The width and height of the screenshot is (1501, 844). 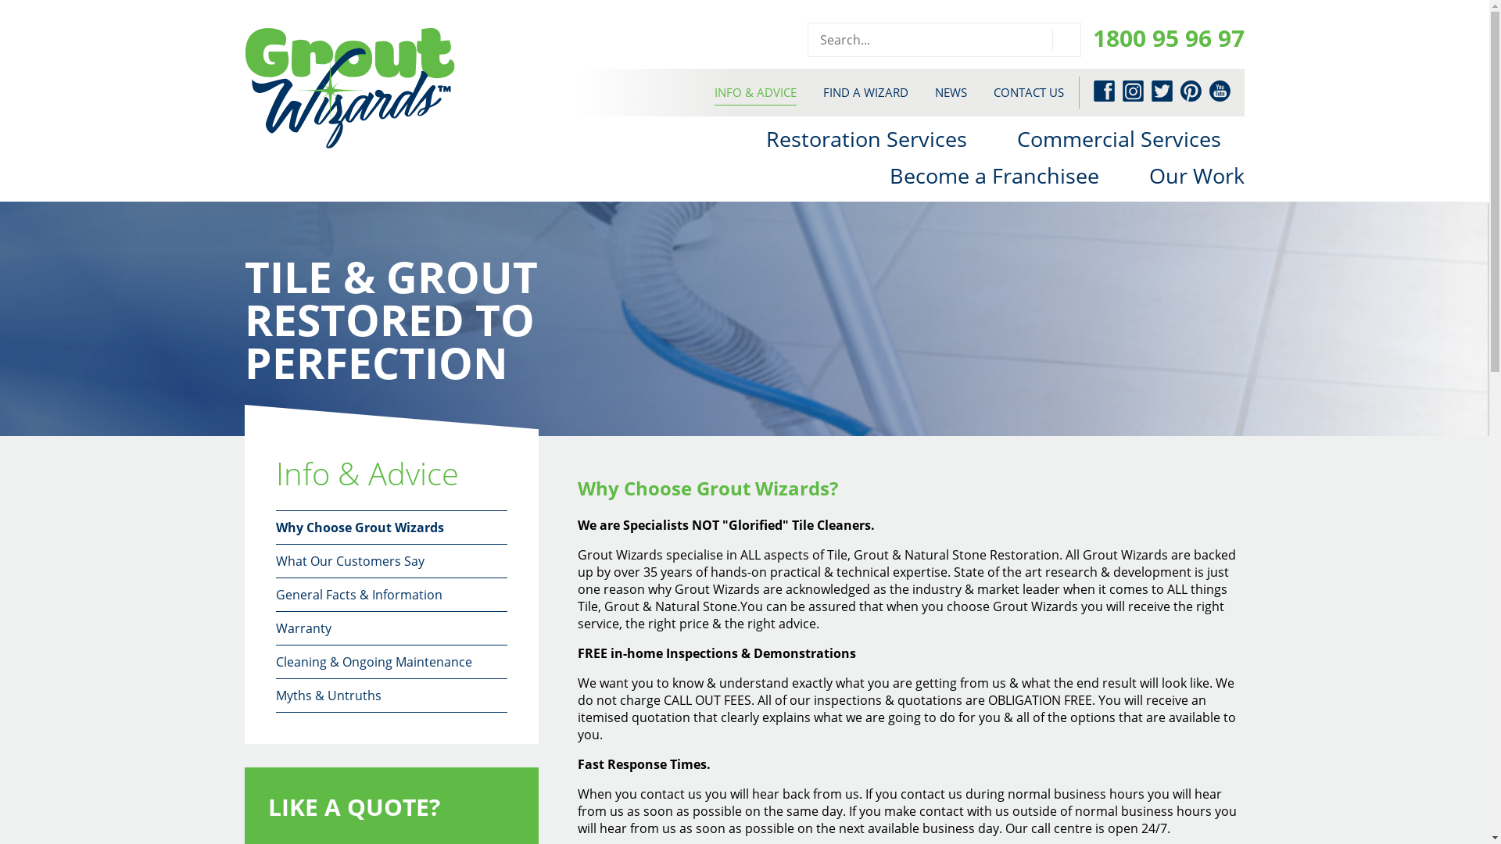 I want to click on 'CONTACT US', so click(x=1028, y=92).